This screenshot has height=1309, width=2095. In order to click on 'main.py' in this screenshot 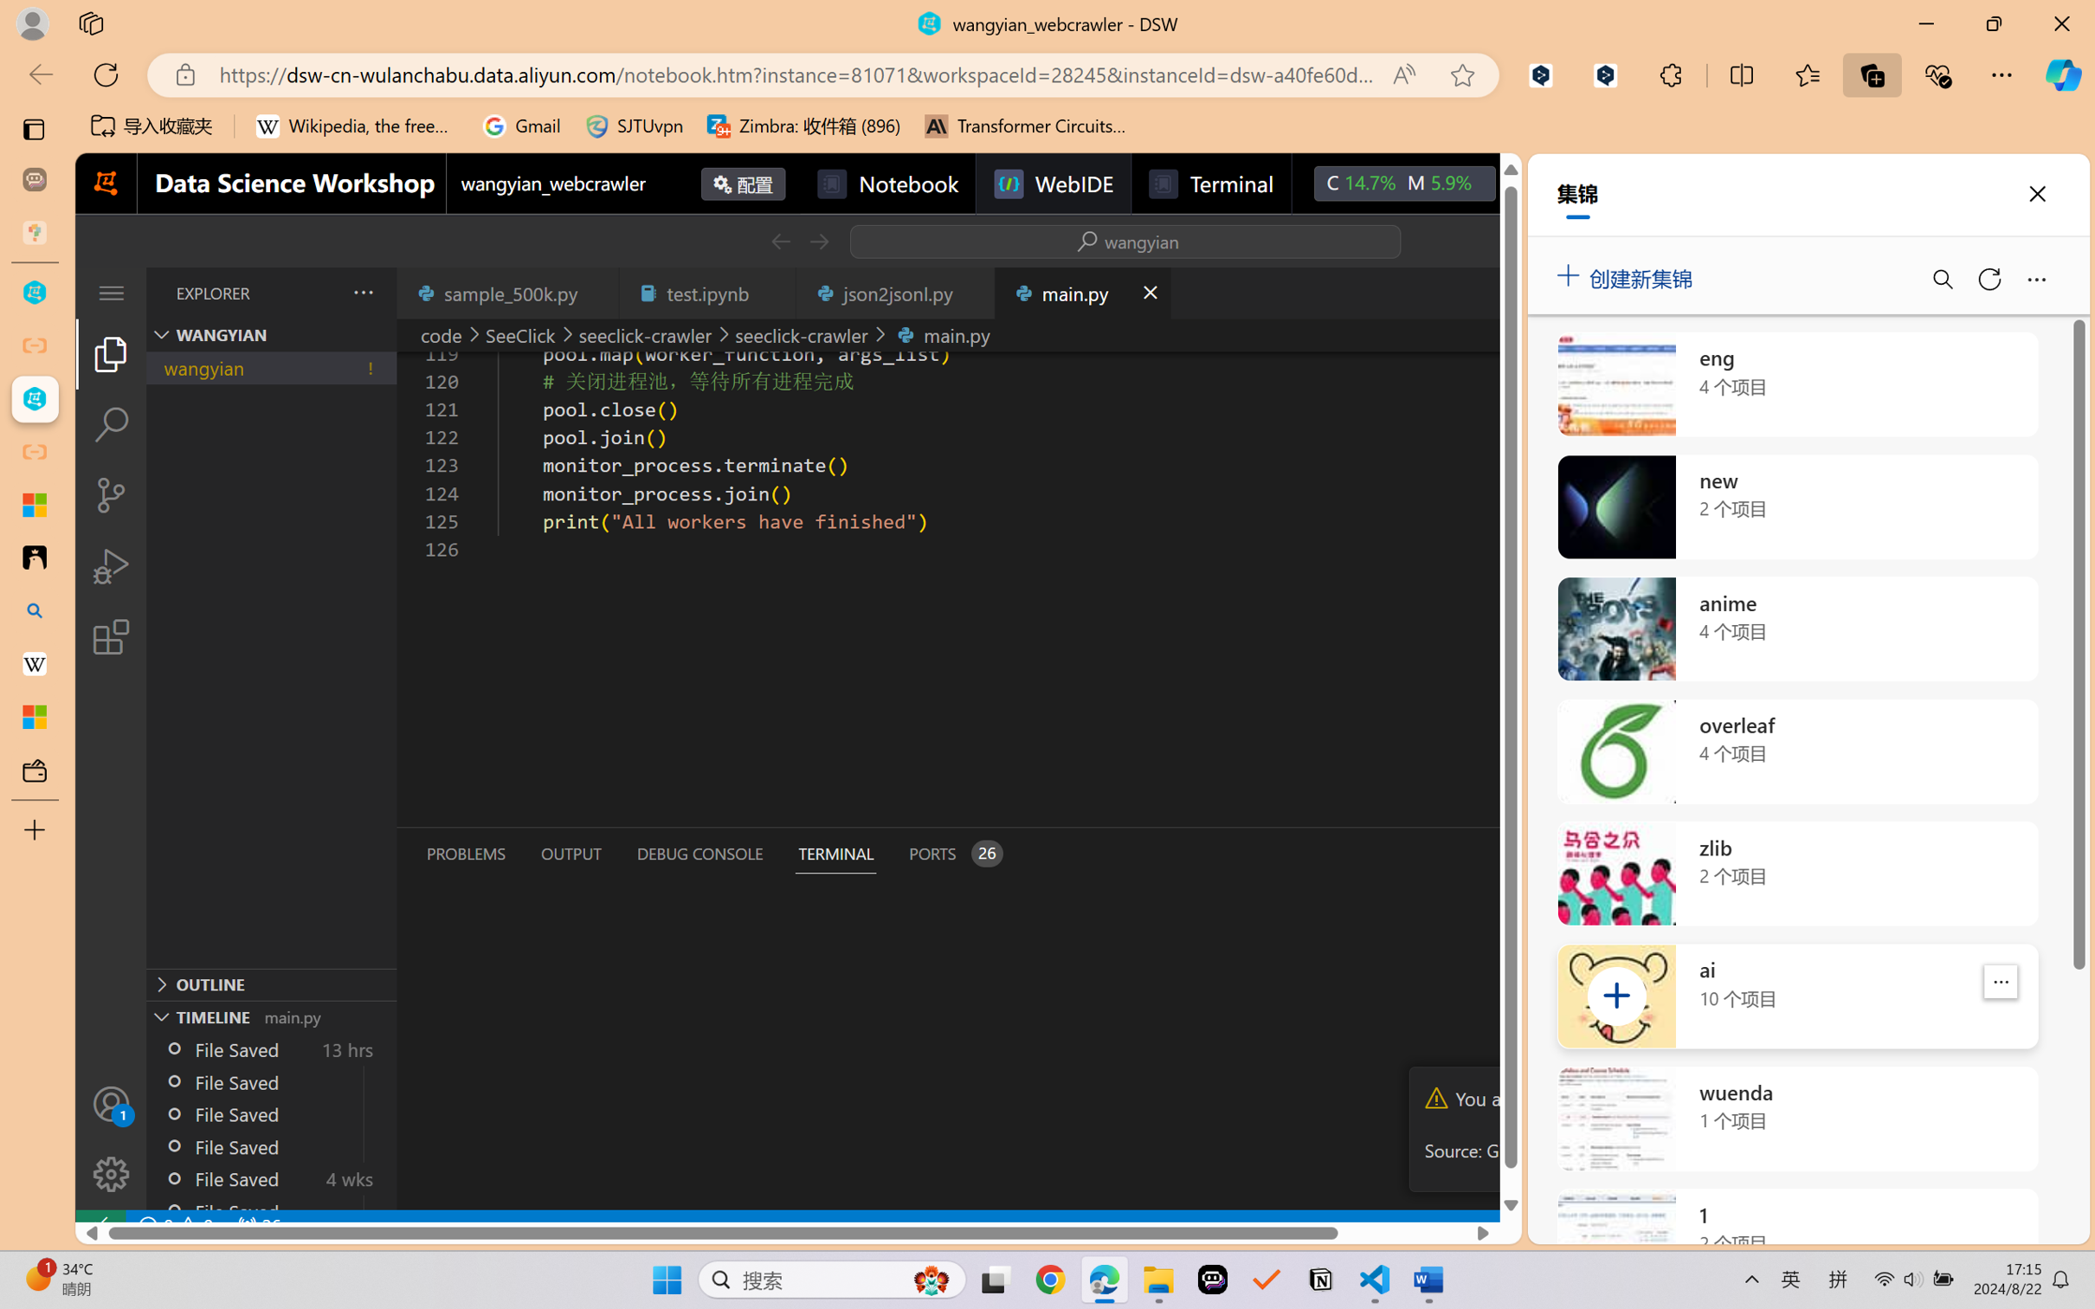, I will do `click(1081, 292)`.